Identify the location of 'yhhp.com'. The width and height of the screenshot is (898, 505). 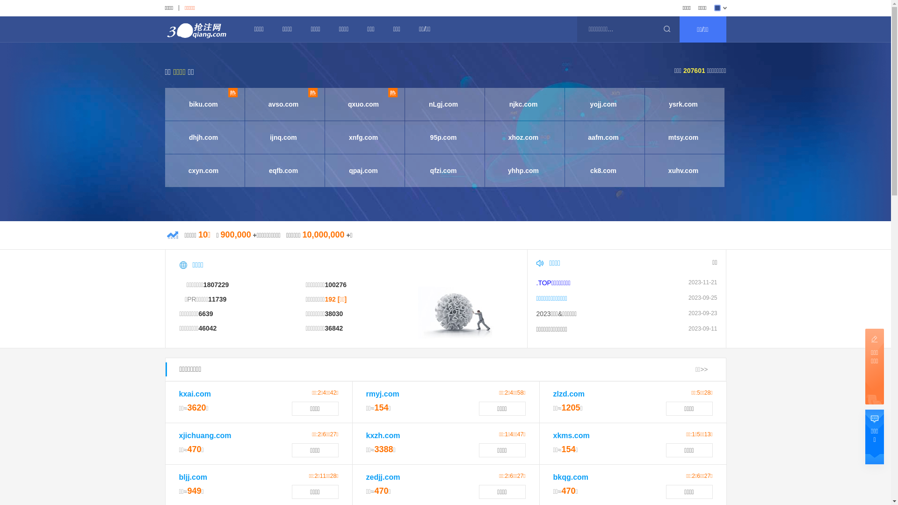
(489, 171).